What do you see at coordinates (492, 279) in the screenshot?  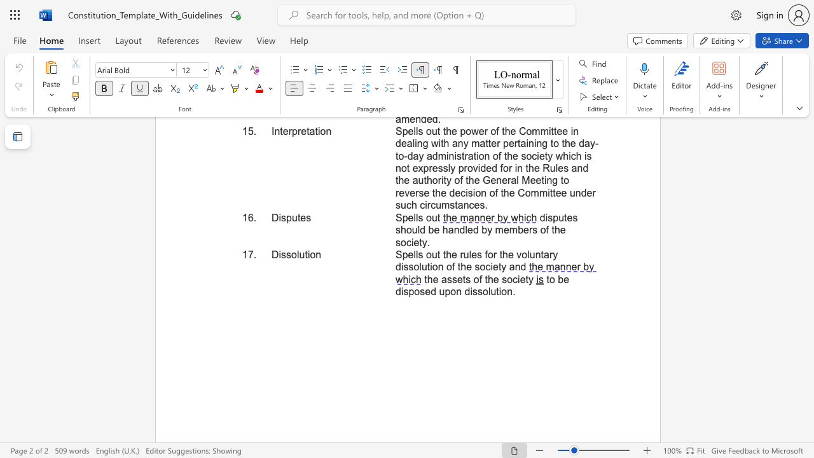 I see `the subset text "e soc" within the text "the assets of the society"` at bounding box center [492, 279].